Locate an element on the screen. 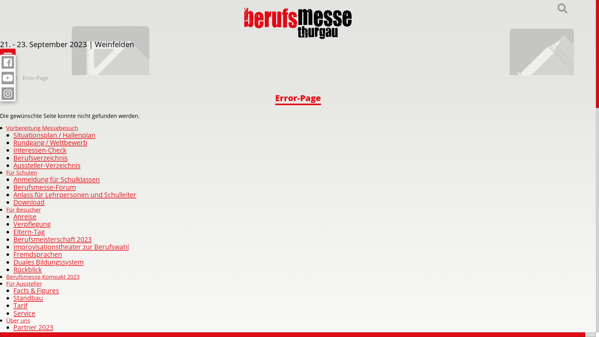 This screenshot has height=337, width=599. 'Aussteller-Verzeichnis' is located at coordinates (13, 165).